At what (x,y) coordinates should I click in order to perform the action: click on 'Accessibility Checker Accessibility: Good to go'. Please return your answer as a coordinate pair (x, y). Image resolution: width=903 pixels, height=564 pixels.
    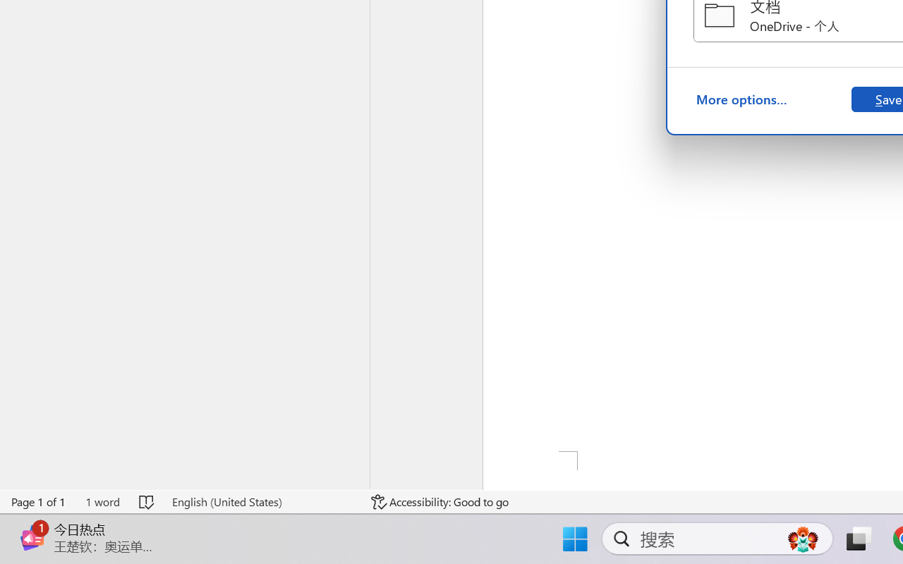
    Looking at the image, I should click on (440, 501).